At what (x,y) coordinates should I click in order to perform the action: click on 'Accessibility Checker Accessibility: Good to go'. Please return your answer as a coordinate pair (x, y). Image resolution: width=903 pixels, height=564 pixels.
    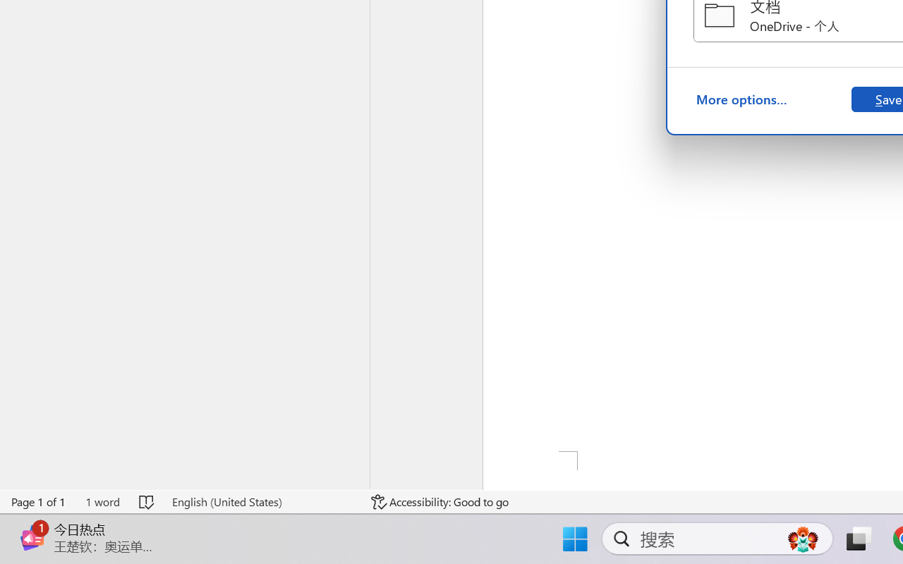
    Looking at the image, I should click on (440, 501).